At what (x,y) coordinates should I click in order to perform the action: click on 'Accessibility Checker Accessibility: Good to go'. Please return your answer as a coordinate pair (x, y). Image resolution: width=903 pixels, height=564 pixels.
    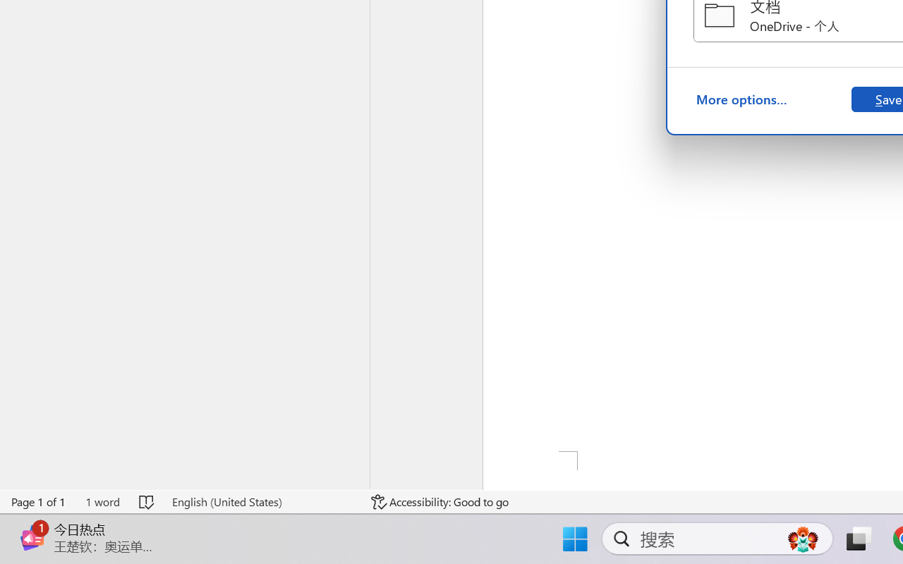
    Looking at the image, I should click on (440, 501).